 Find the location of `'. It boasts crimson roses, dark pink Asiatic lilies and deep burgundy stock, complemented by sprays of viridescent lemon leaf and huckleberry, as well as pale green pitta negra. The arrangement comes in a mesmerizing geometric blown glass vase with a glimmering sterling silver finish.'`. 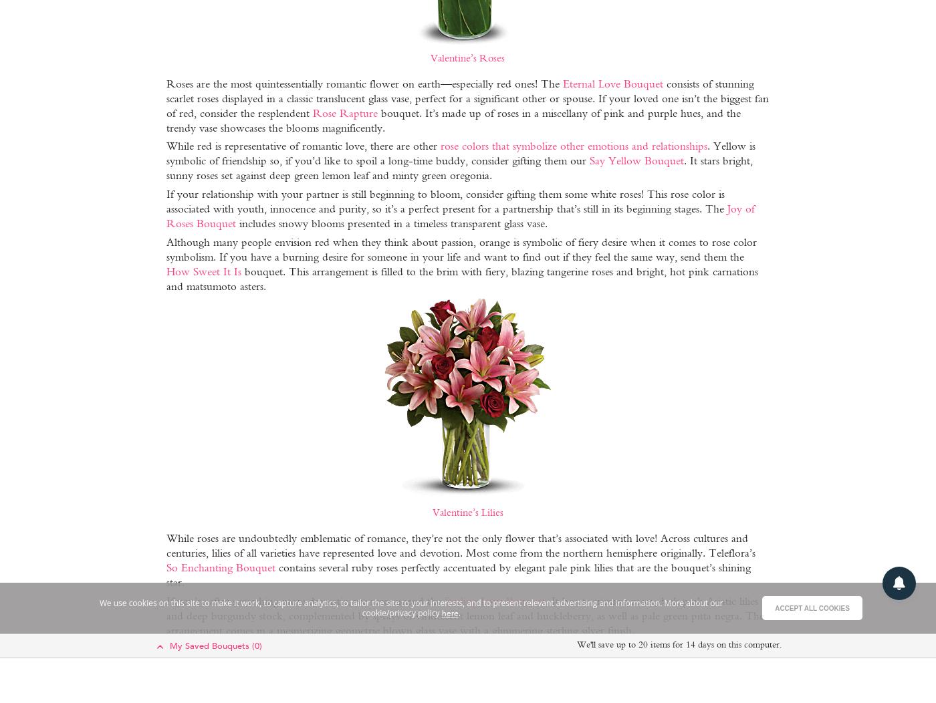

'. It boasts crimson roses, dark pink Asiatic lilies and deep burgundy stock, complemented by sprays of viridescent lemon leaf and huckleberry, as well as pale green pitta negra. The arrangement comes in a mesmerizing geometric blown glass vase with a glimmering sterling silver finish.' is located at coordinates (464, 615).